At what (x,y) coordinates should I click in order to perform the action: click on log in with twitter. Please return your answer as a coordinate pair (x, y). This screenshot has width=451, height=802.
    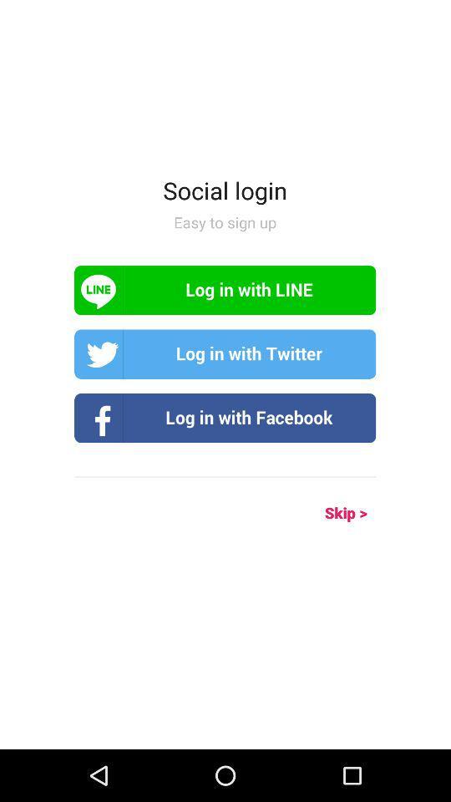
    Looking at the image, I should click on (225, 354).